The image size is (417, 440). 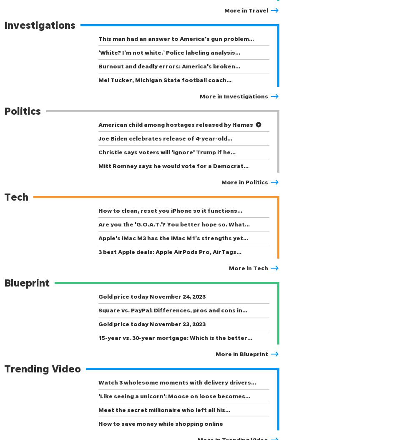 What do you see at coordinates (151, 323) in the screenshot?
I see `'Gold price today November 23, 2023'` at bounding box center [151, 323].